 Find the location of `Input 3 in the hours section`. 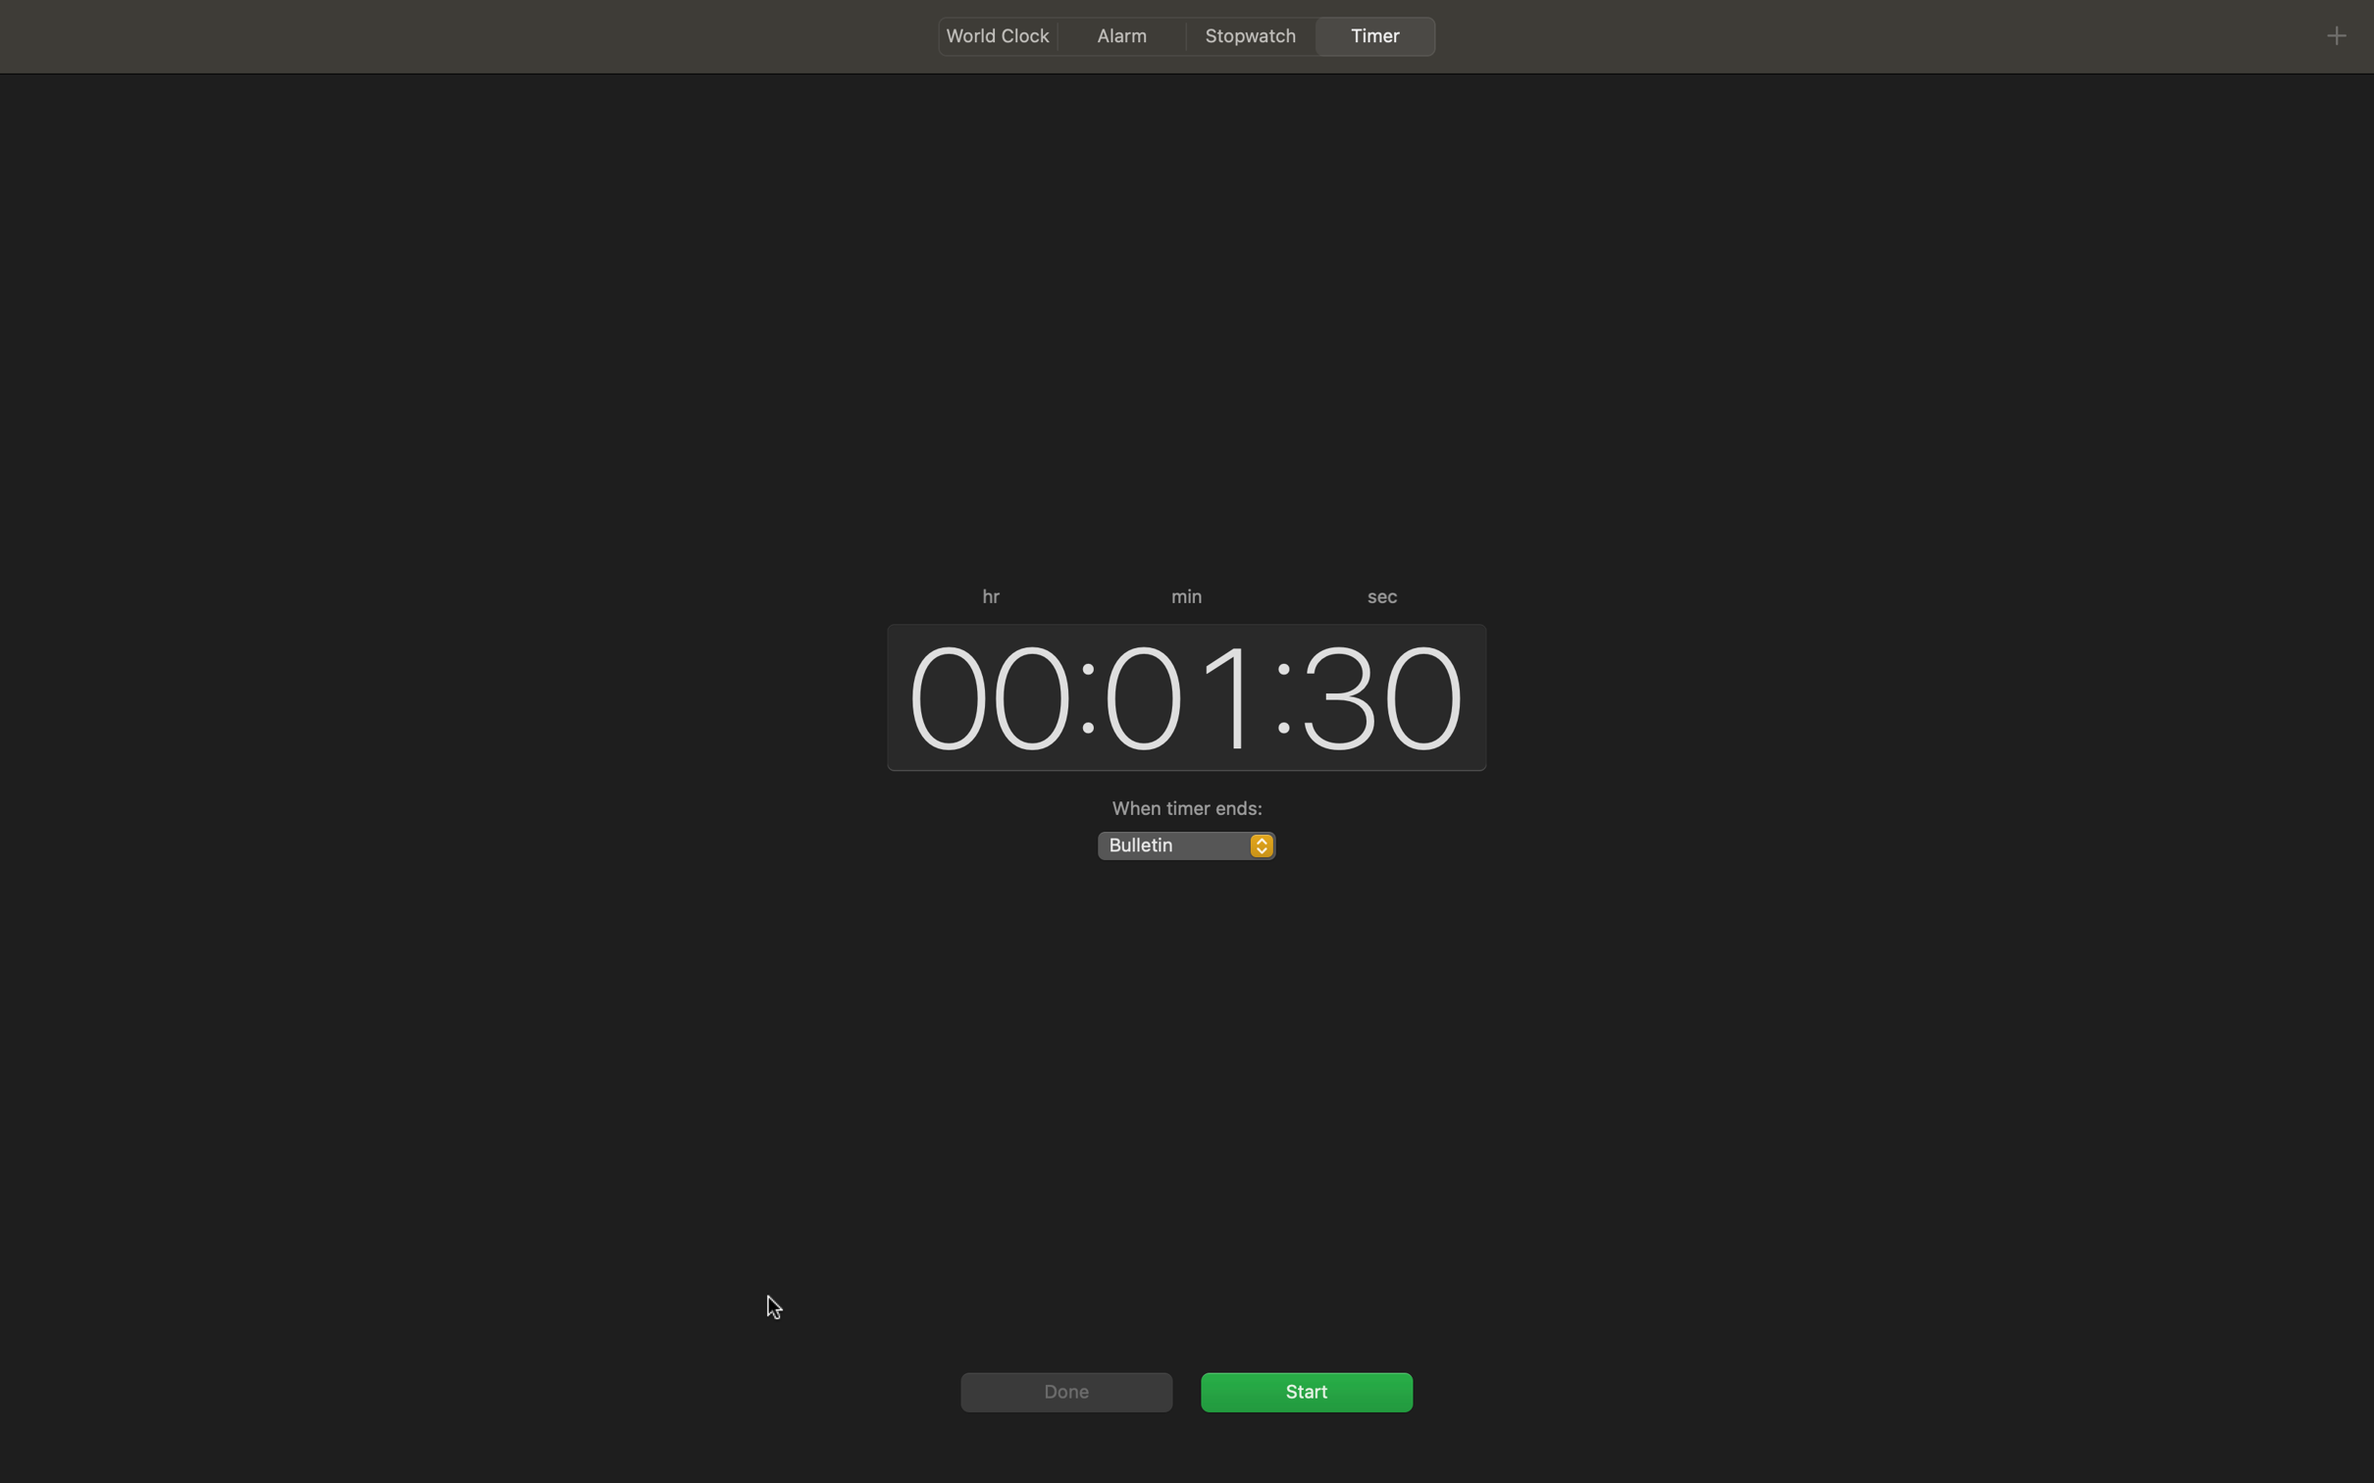

Input 3 in the hours section is located at coordinates (981, 693).